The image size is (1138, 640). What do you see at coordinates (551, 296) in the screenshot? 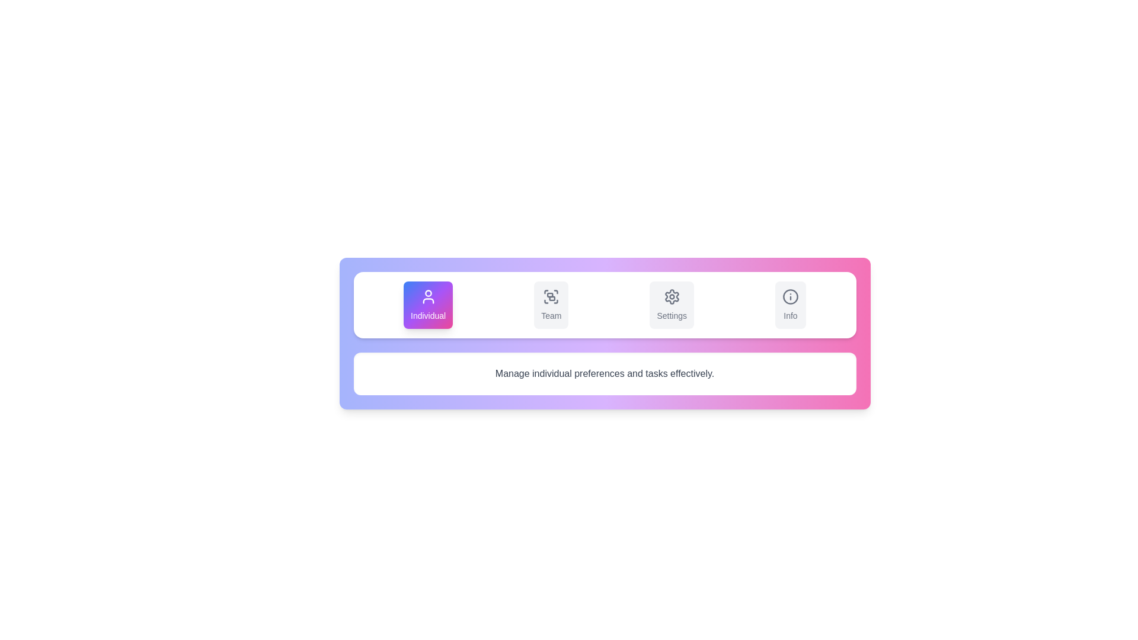
I see `the 'Team' SVG icon in the menu, which is located between the 'Individual' and 'Settings' icons` at bounding box center [551, 296].